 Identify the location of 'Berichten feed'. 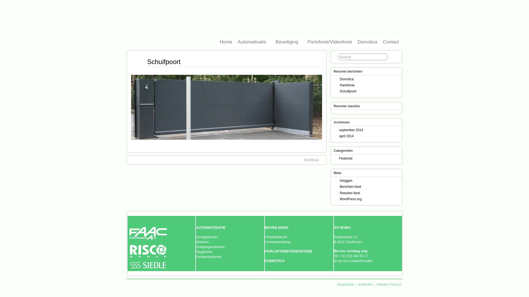
(339, 186).